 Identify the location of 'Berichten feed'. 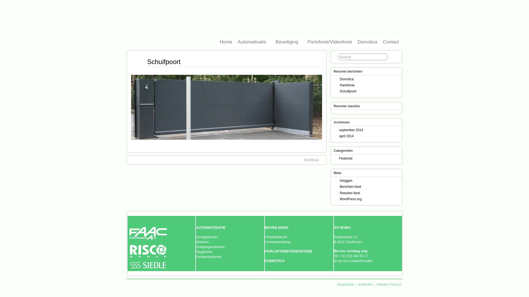
(339, 186).